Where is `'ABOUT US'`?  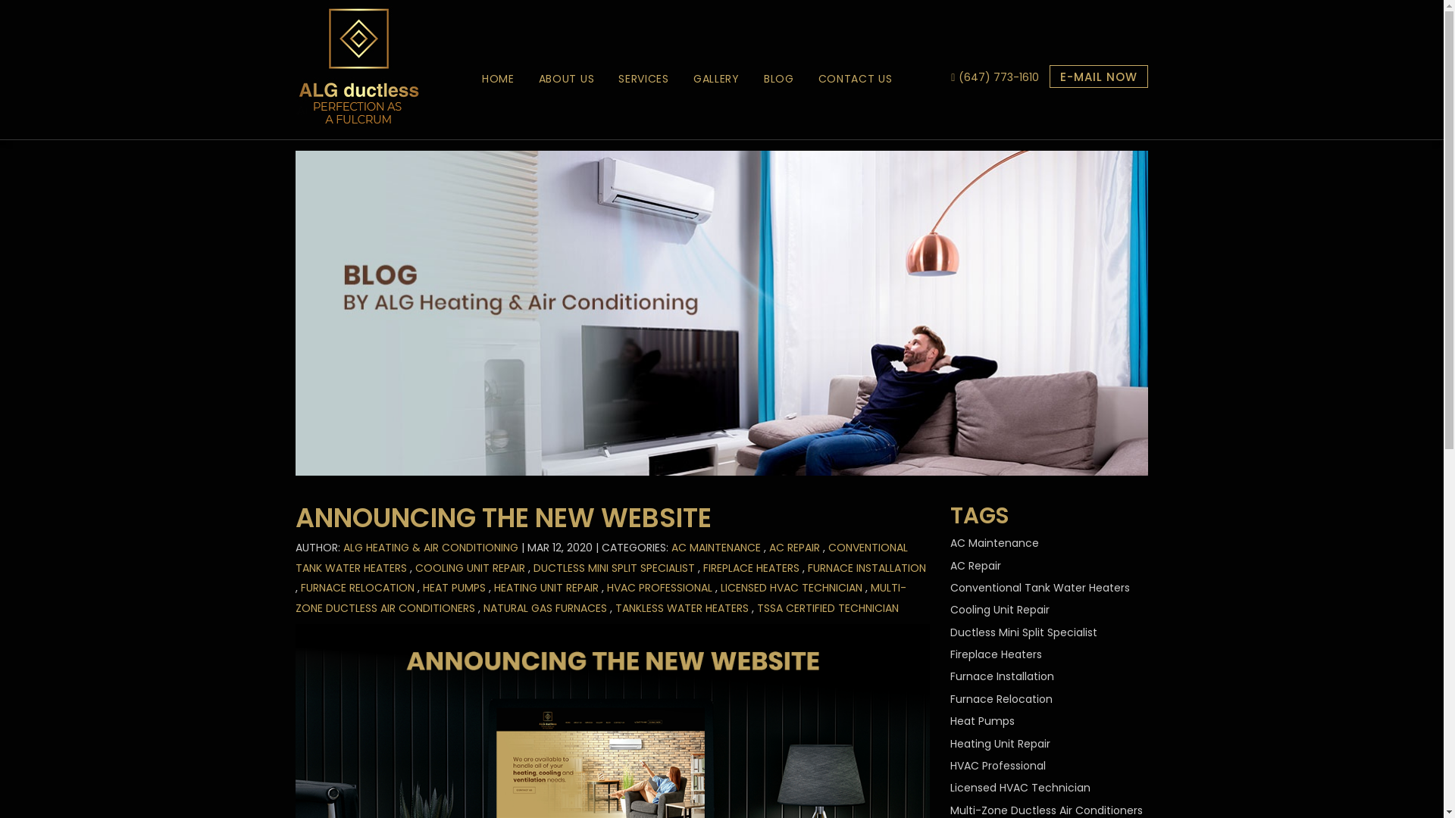
'ABOUT US' is located at coordinates (527, 79).